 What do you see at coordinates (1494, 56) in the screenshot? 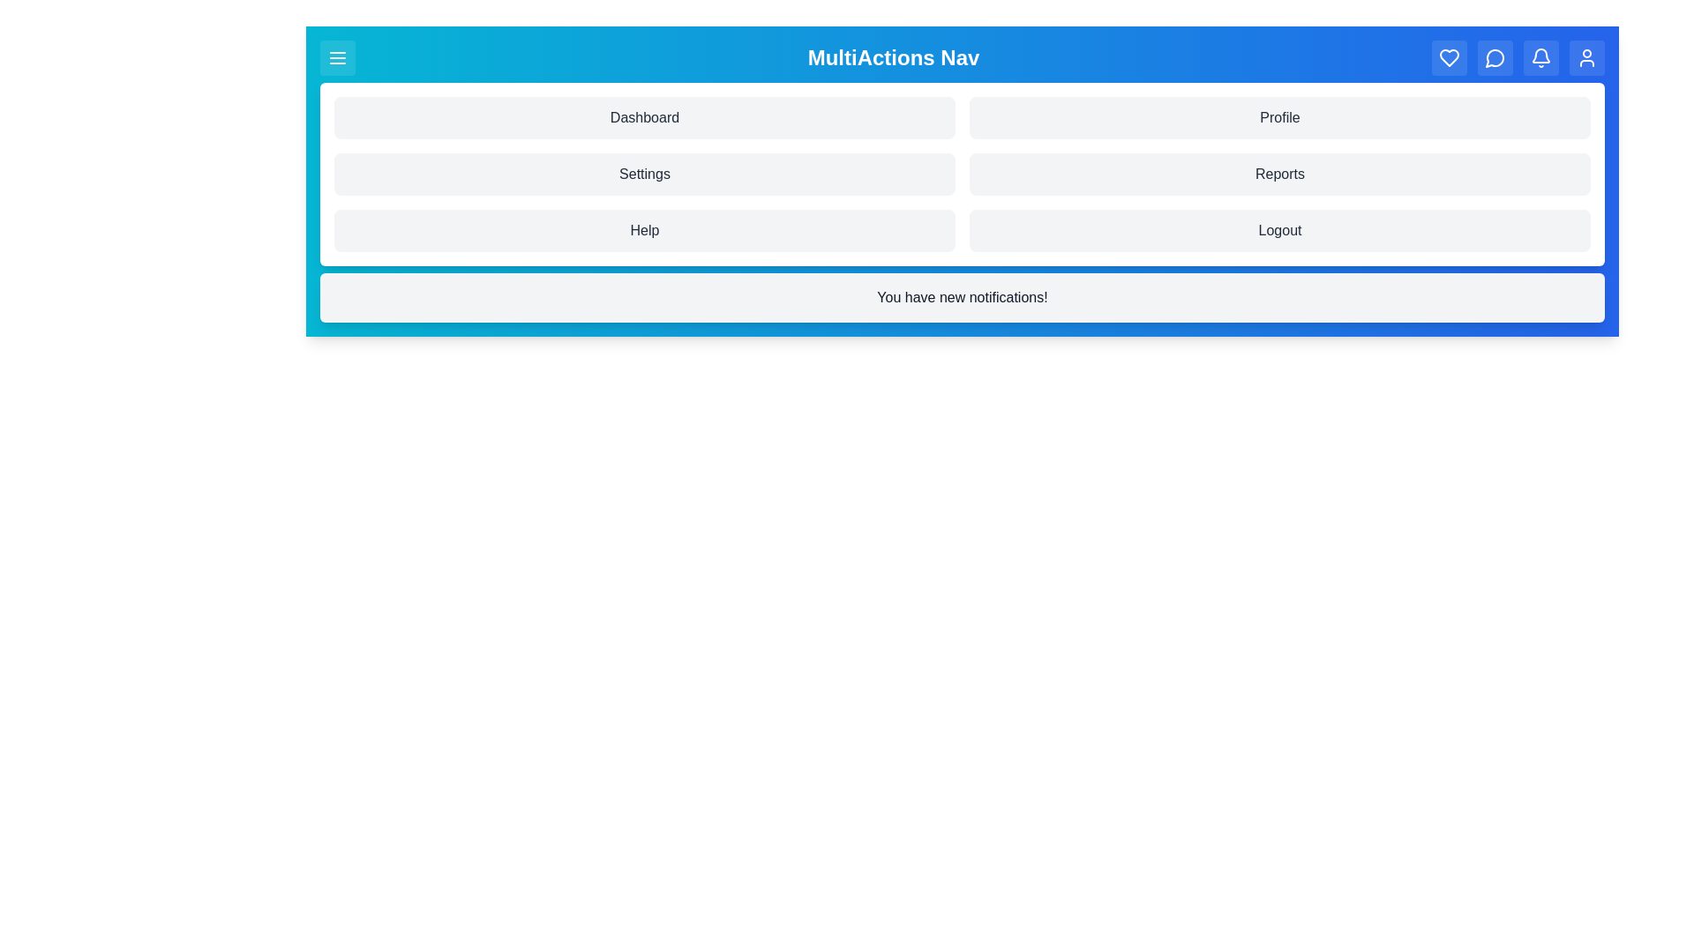
I see `the navigation button MessageCircle` at bounding box center [1494, 56].